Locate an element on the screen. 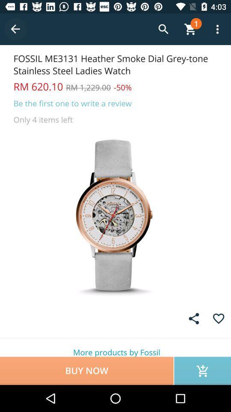 The height and width of the screenshot is (412, 231). page is located at coordinates (219, 318).